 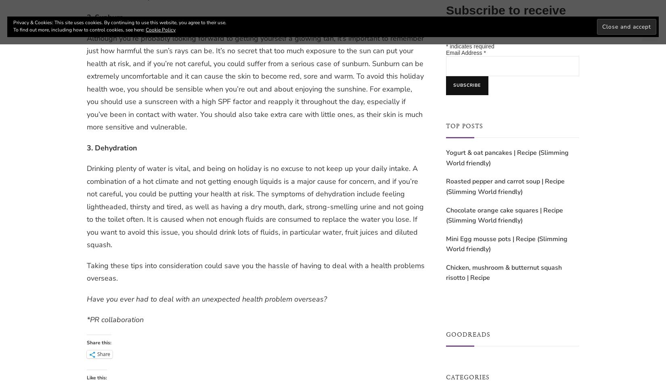 What do you see at coordinates (468, 334) in the screenshot?
I see `'Goodreads'` at bounding box center [468, 334].